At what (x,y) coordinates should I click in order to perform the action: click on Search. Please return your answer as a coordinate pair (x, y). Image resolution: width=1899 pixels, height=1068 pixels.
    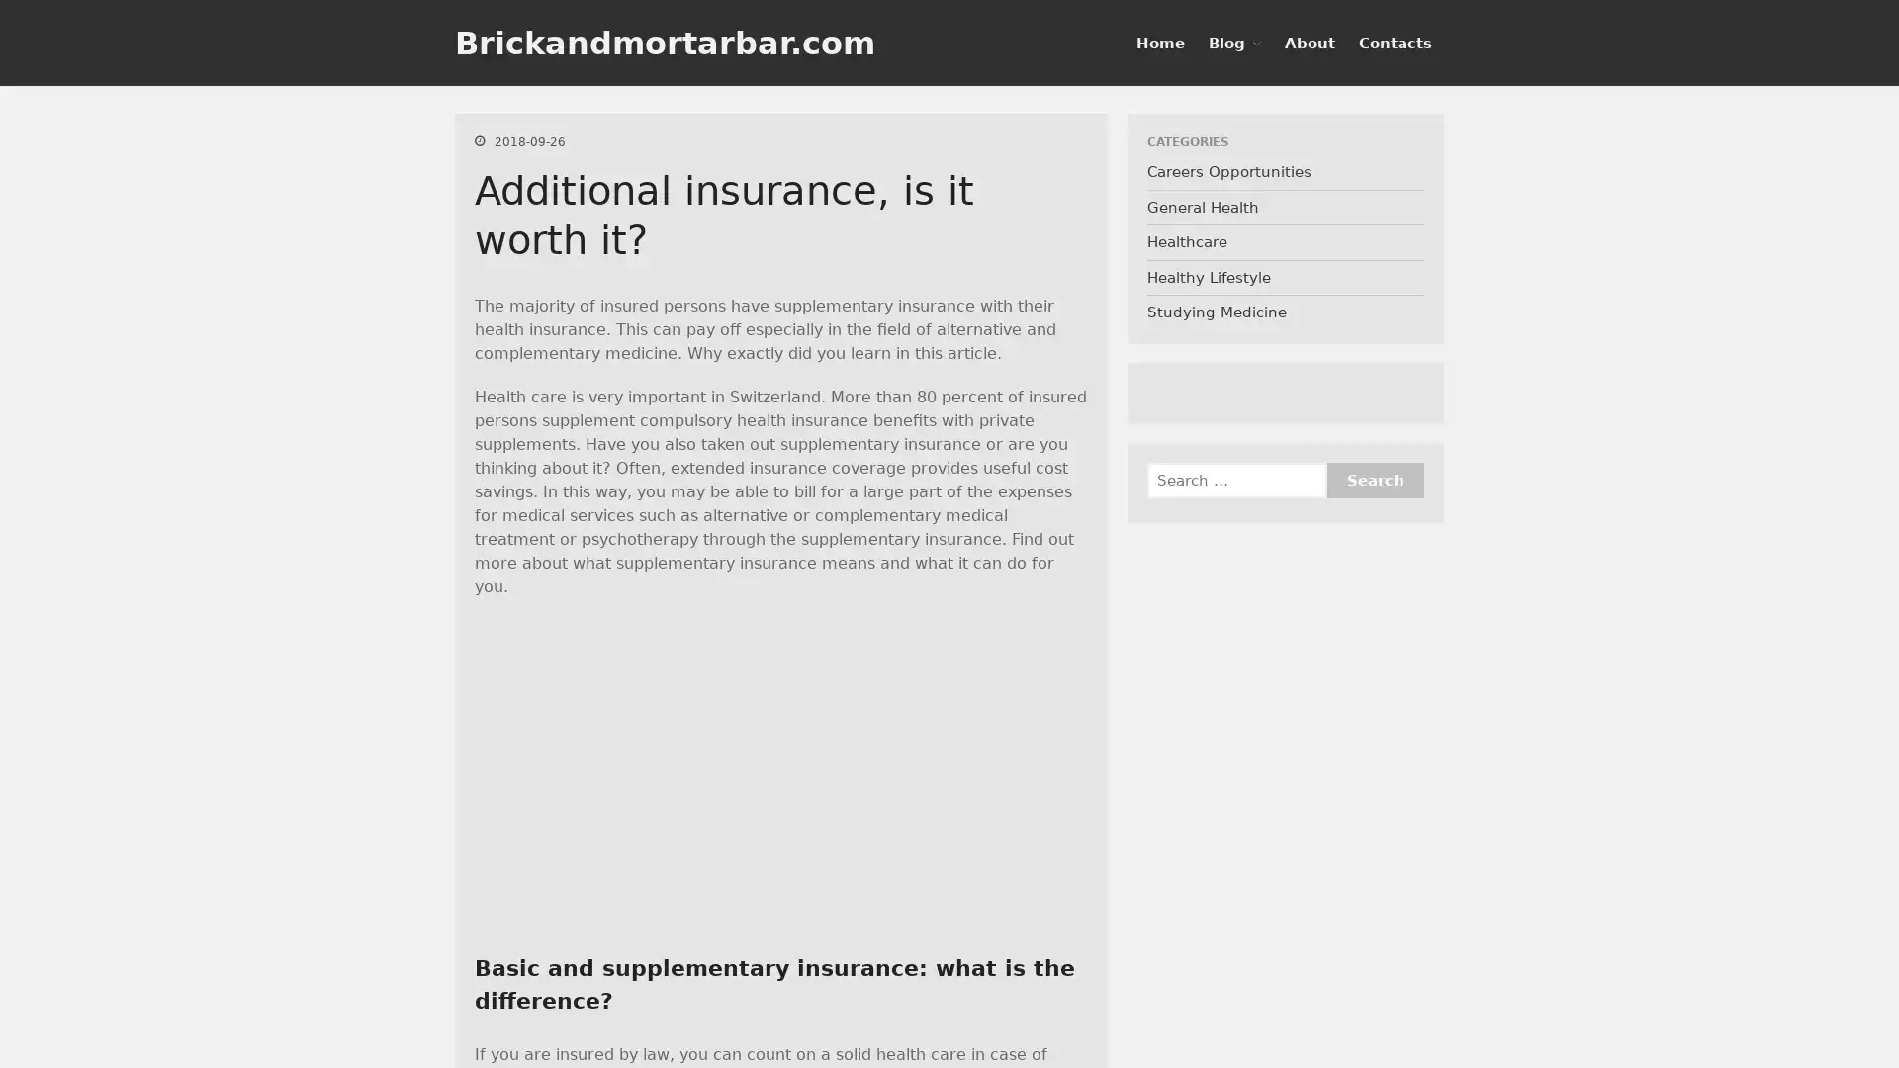
    Looking at the image, I should click on (1780, 400).